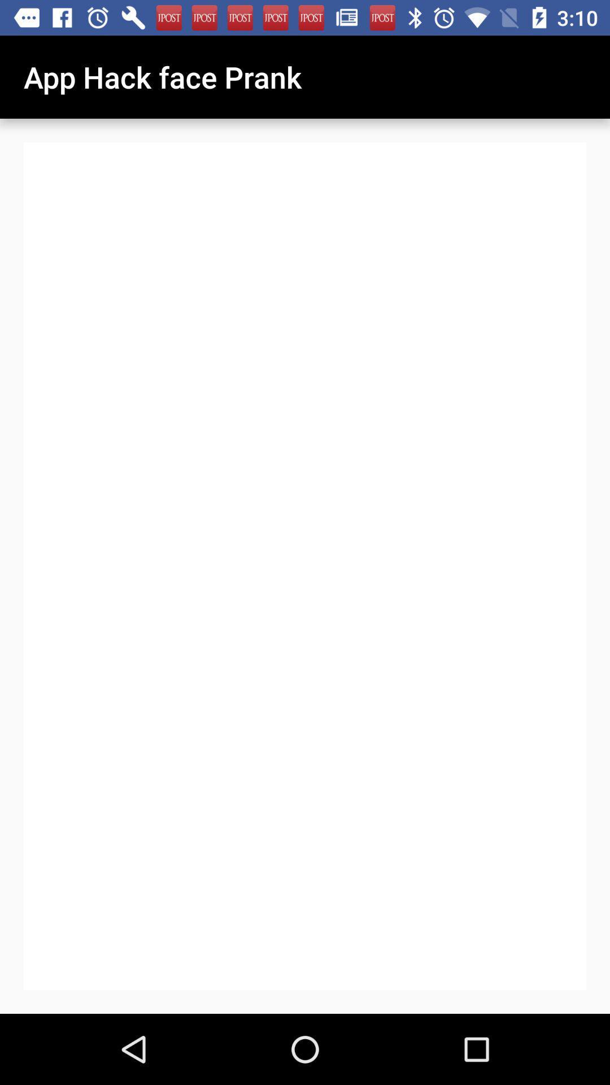  I want to click on app below the app hack face, so click(305, 566).